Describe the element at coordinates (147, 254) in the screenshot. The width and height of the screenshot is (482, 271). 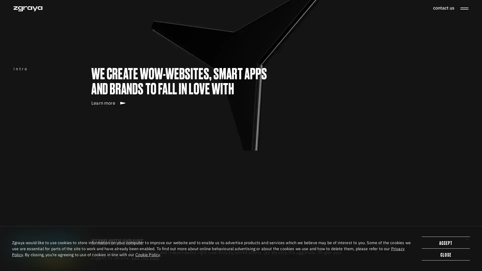
I see `learn more about cookies` at that location.